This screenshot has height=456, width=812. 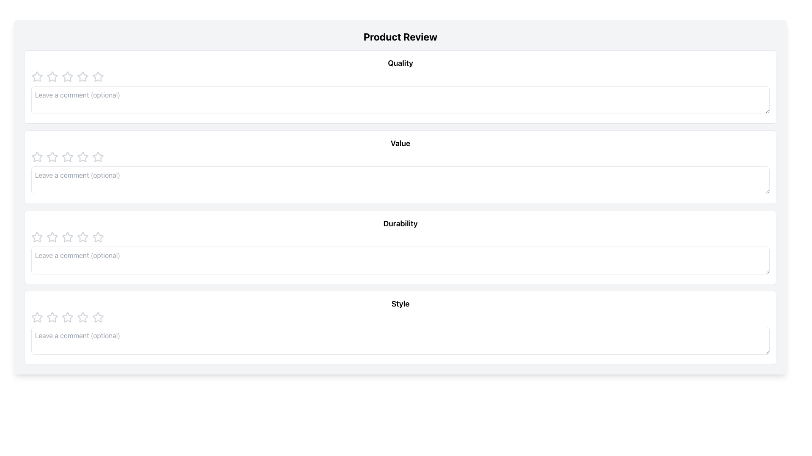 What do you see at coordinates (98, 157) in the screenshot?
I see `on the second star-shaped rating icon in the row of rating stars located in the 'Value' section beneath the 'Product Review' header` at bounding box center [98, 157].